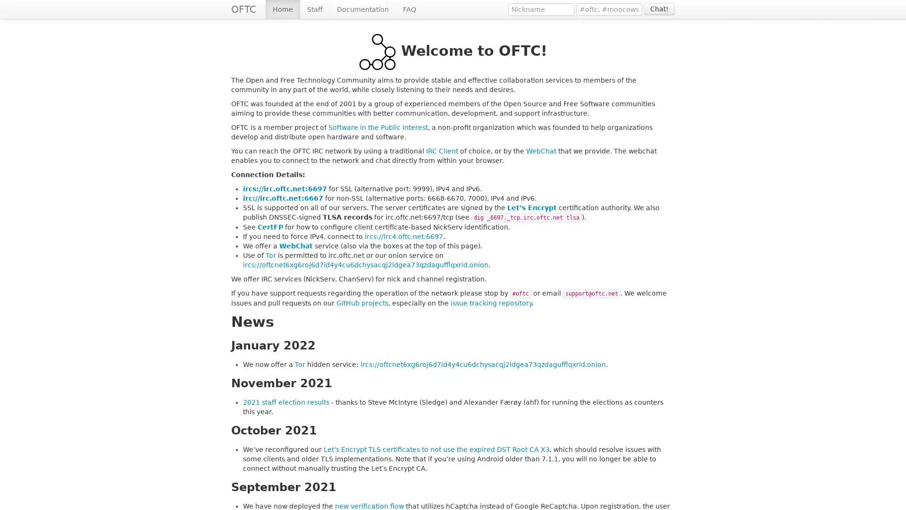 The height and width of the screenshot is (510, 906). What do you see at coordinates (659, 9) in the screenshot?
I see `Chat!` at bounding box center [659, 9].